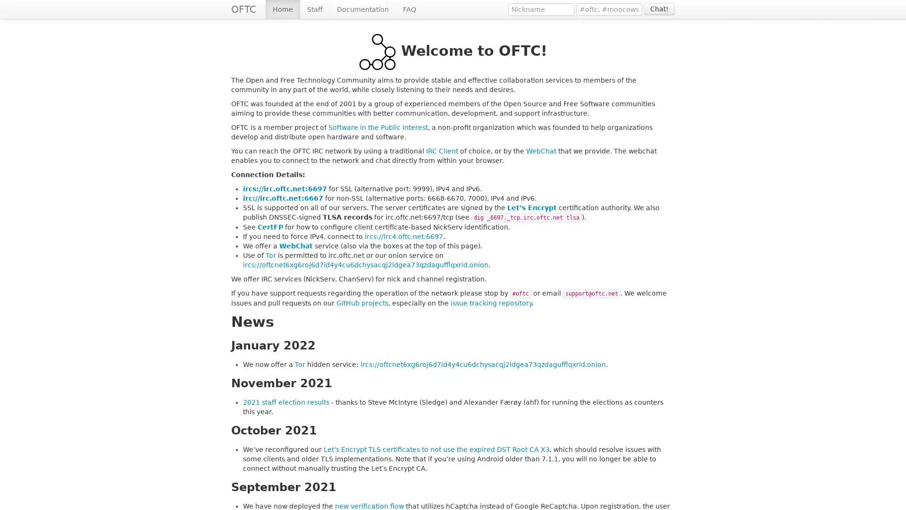 The height and width of the screenshot is (510, 906). What do you see at coordinates (659, 9) in the screenshot?
I see `Chat!` at bounding box center [659, 9].